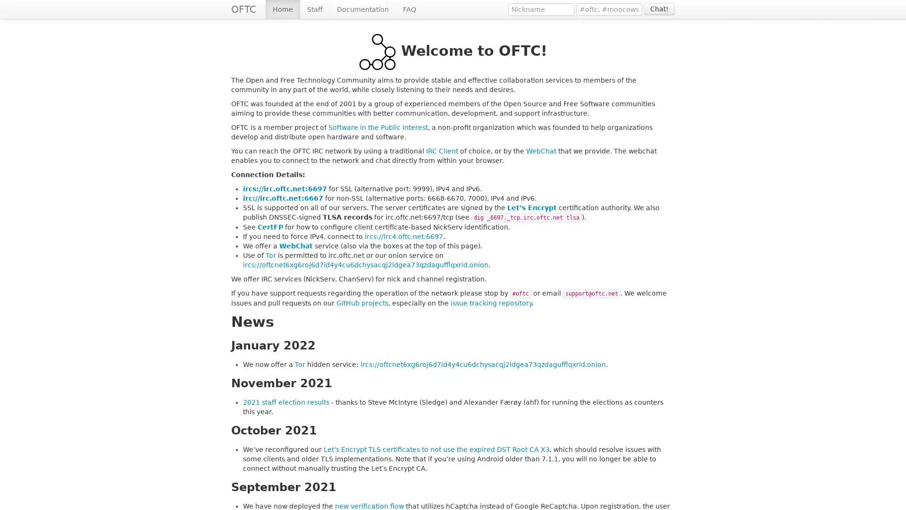 The height and width of the screenshot is (510, 906). What do you see at coordinates (659, 9) in the screenshot?
I see `Chat!` at bounding box center [659, 9].